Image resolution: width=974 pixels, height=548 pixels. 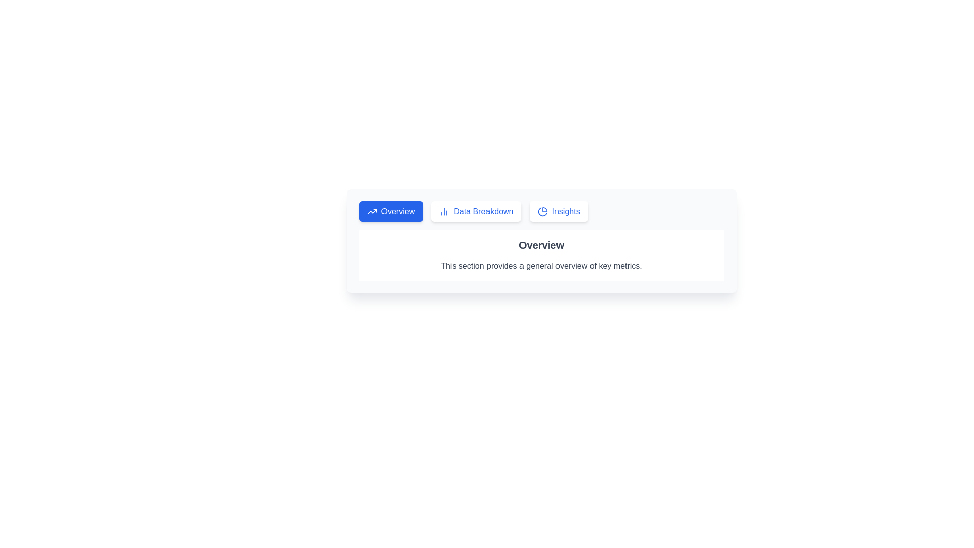 I want to click on the Insights tab by clicking on its button, so click(x=559, y=211).